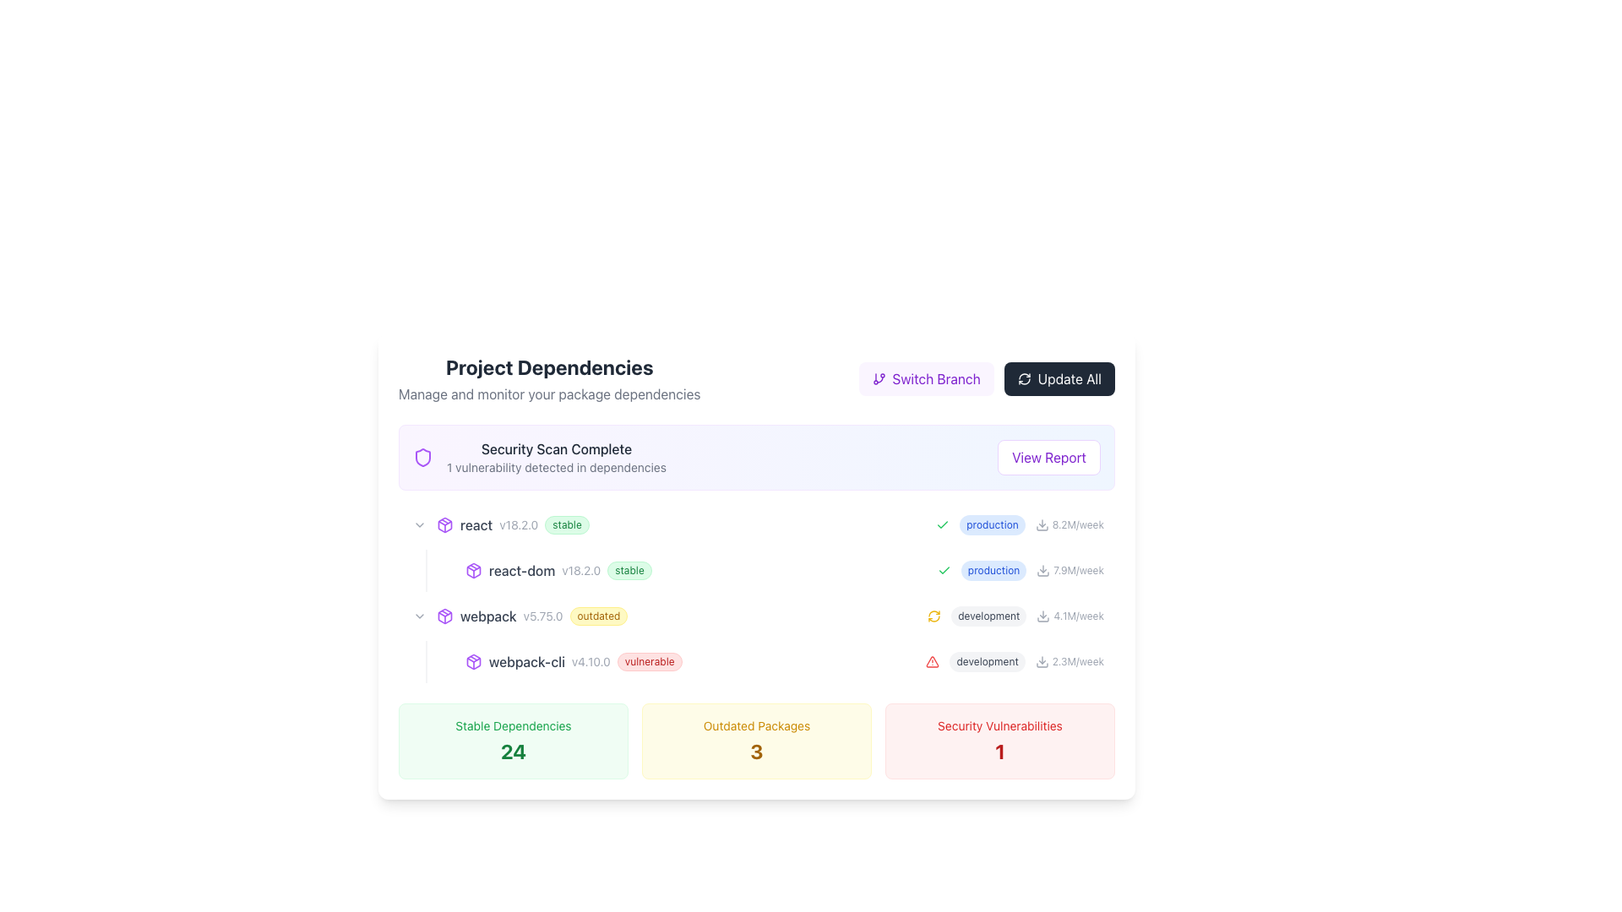  I want to click on the 'webpack' dependency icon, which is visually represented as a package and is located to the left of the 'webpack v5.75.0 outdated' label in the project dependencies list, so click(445, 616).